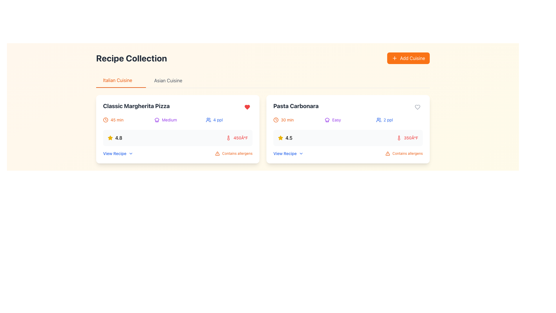 Image resolution: width=556 pixels, height=313 pixels. I want to click on the clickable link with an icon to view detailed information about the recipe for 'Pasta Carbonara', located at the bottom left of the 'Pasta Carbonara' card, so click(288, 153).